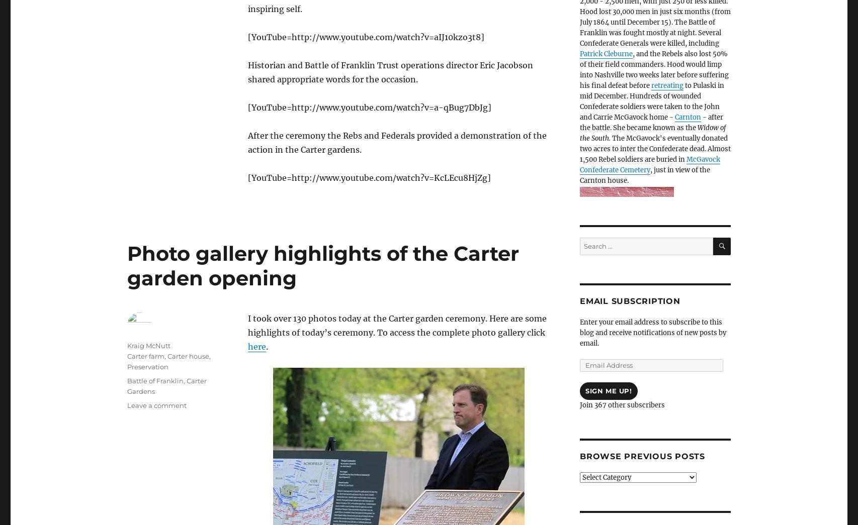 This screenshot has height=525, width=858. Describe the element at coordinates (155, 380) in the screenshot. I see `'Battle of Franklin'` at that location.